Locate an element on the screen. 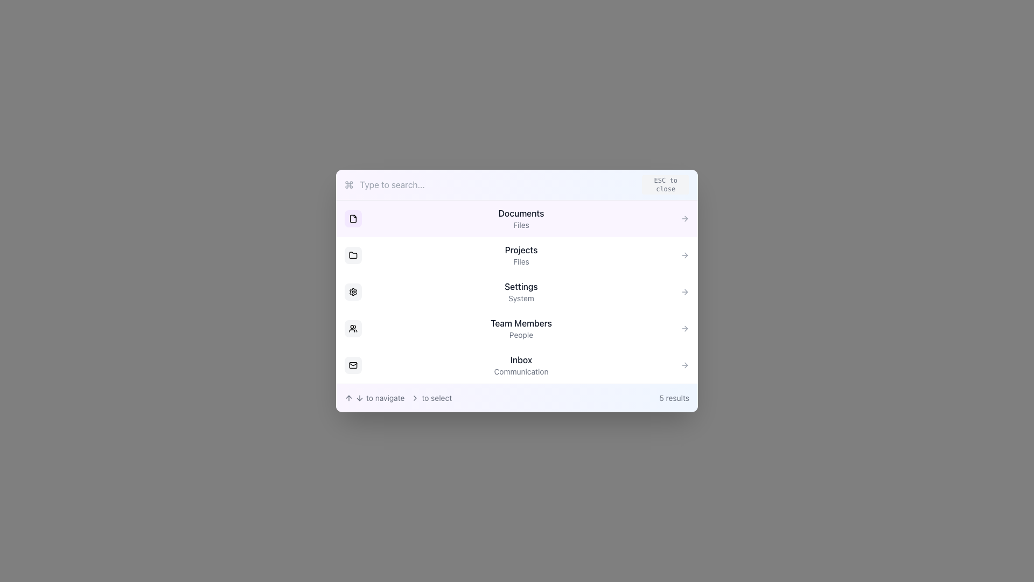 This screenshot has height=582, width=1034. the instructional text element located at the bottom-left corner of the dialog, which indicates that the up and down arrows can be used for navigation is located at coordinates (374, 398).